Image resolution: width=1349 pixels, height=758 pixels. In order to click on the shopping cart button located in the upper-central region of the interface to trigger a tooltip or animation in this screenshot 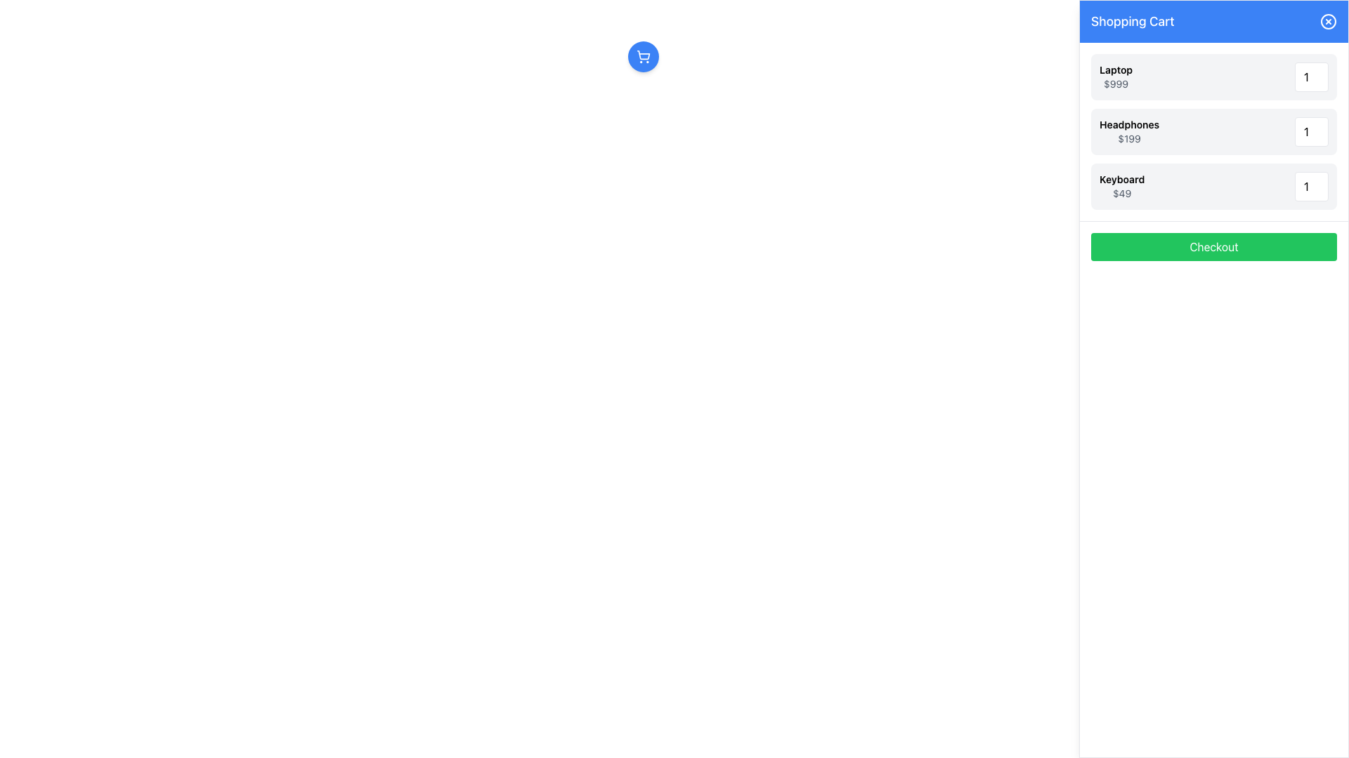, I will do `click(642, 56)`.